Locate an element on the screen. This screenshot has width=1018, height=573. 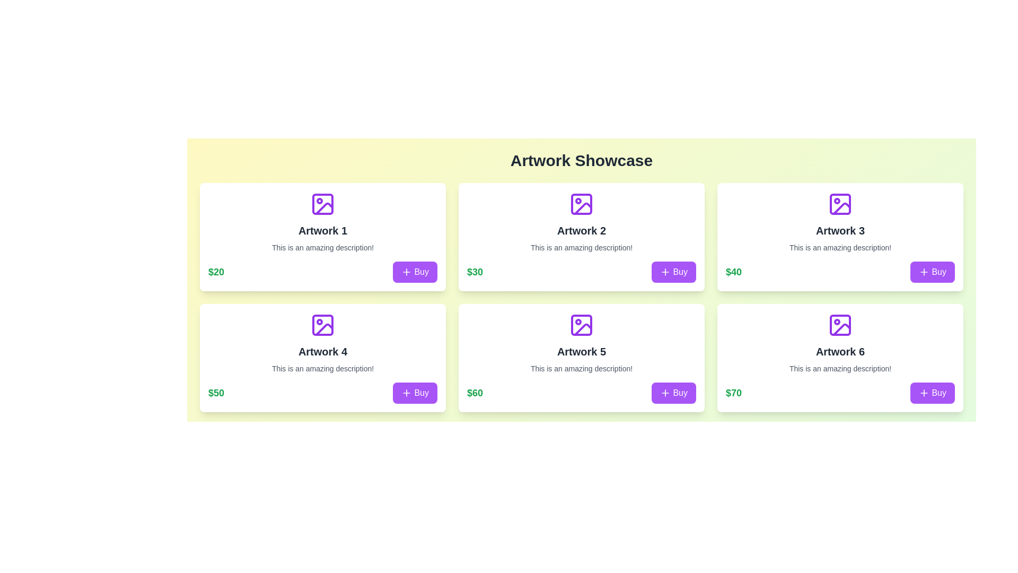
static text that says 'This is an amazing description!' located in the bottom right corner of the card for 'Artwork 6', positioned between the title and the price is located at coordinates (839, 368).